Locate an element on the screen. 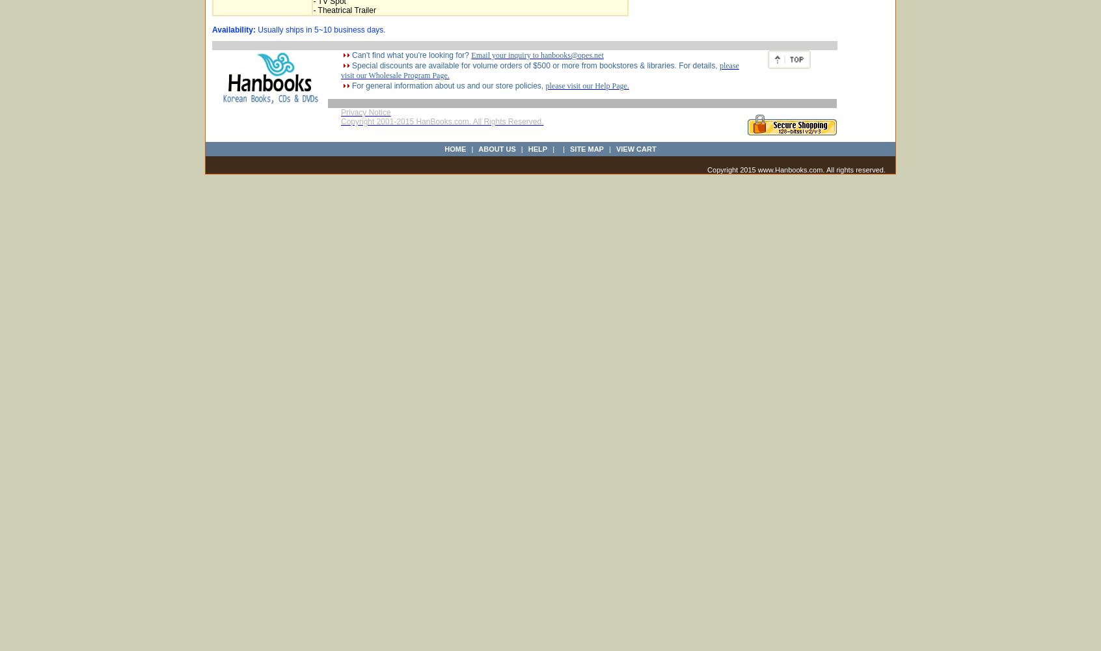 This screenshot has width=1101, height=651. 'please visit our Help Page.' is located at coordinates (586, 86).